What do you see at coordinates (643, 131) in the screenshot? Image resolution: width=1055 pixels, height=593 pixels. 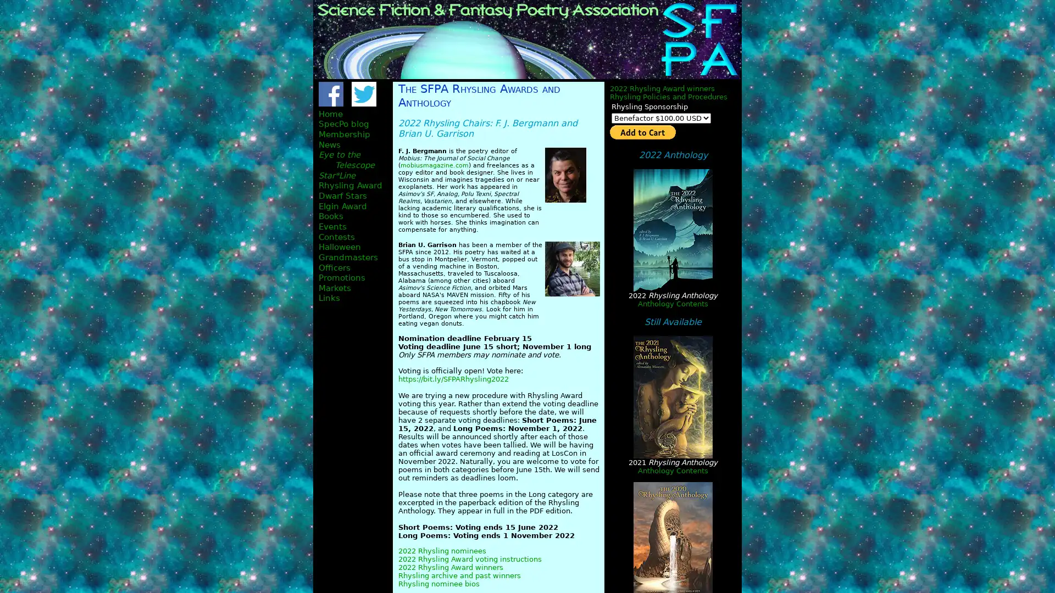 I see `PayPal - The safer, easier way to pay online!` at bounding box center [643, 131].